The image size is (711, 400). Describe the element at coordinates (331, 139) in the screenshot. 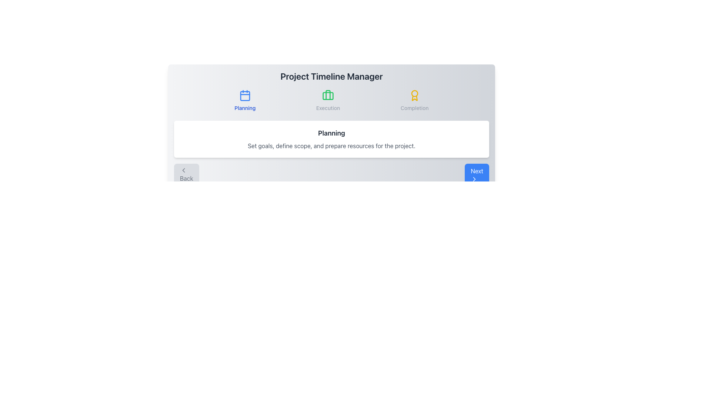

I see `text content of the 'Planning' stage summary text block located centrally below the navigation row in the 'Project Timeline Manager' component` at that location.